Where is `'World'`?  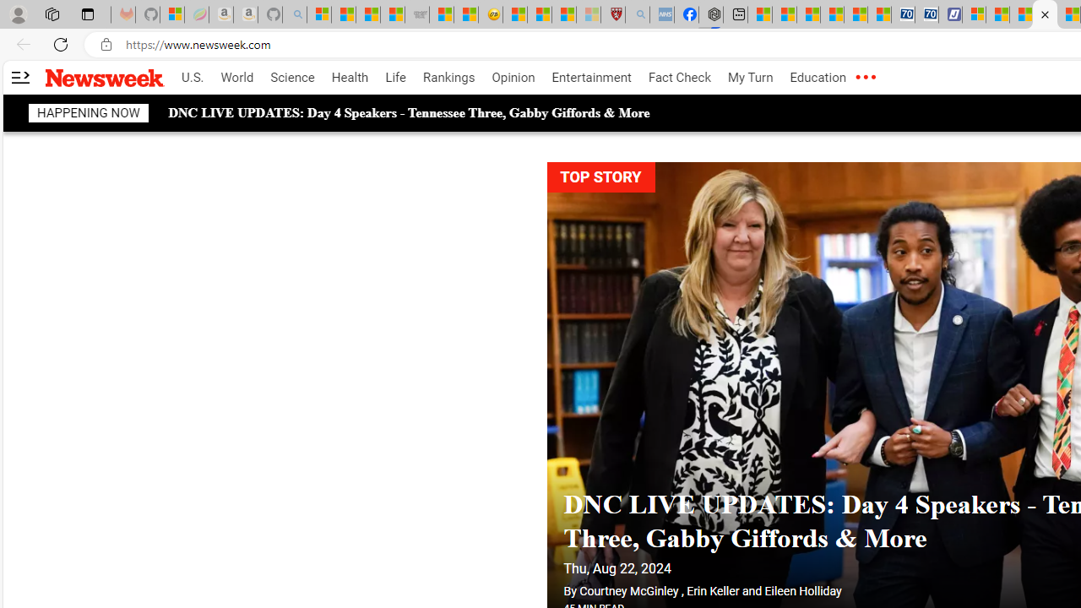
'World' is located at coordinates (236, 78).